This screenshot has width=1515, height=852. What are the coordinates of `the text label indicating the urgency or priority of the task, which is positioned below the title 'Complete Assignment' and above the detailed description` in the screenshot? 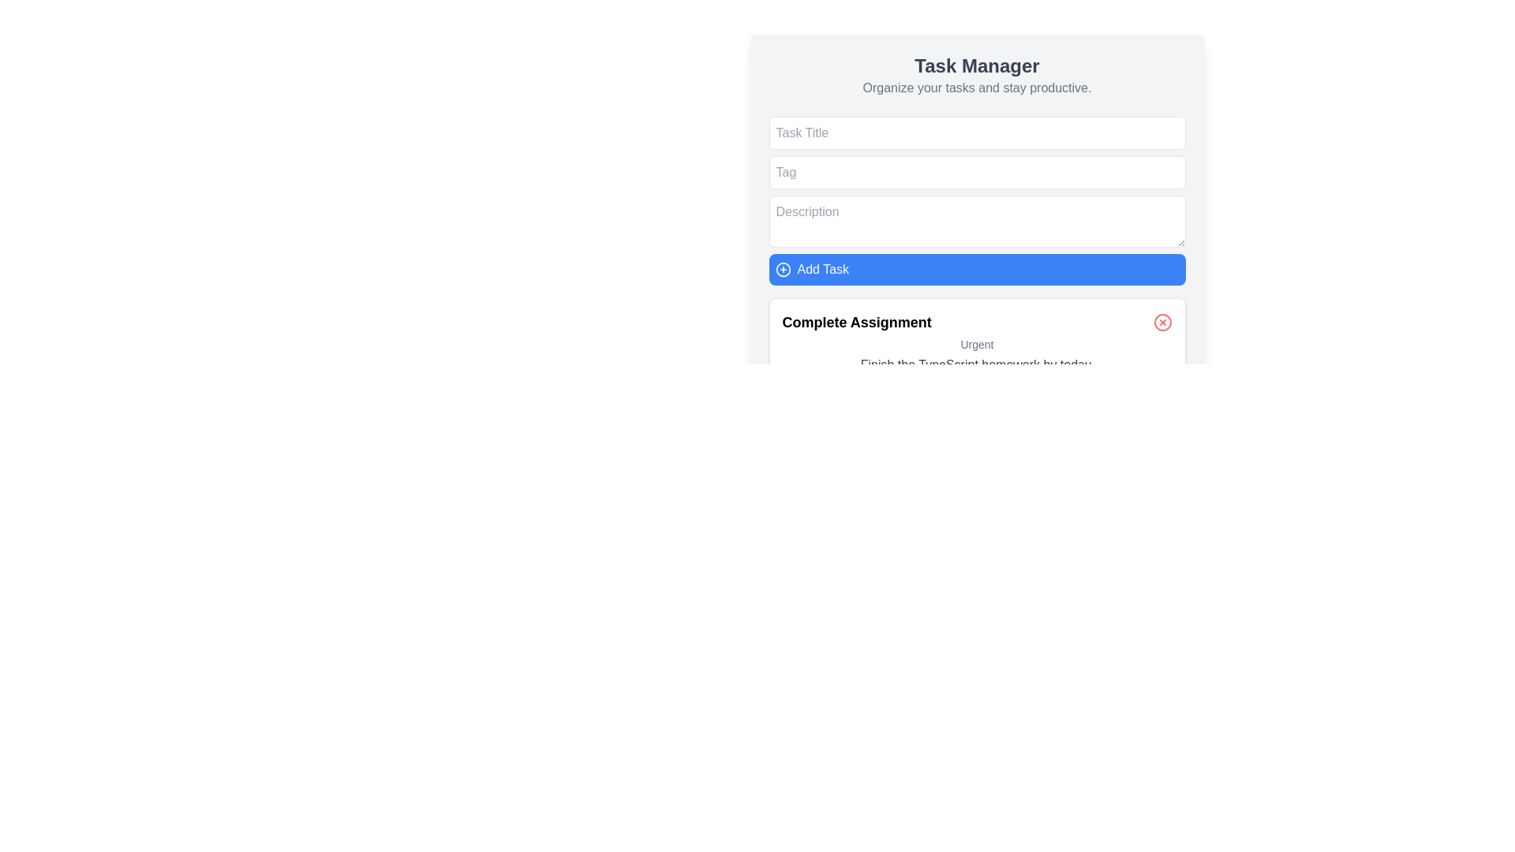 It's located at (976, 343).